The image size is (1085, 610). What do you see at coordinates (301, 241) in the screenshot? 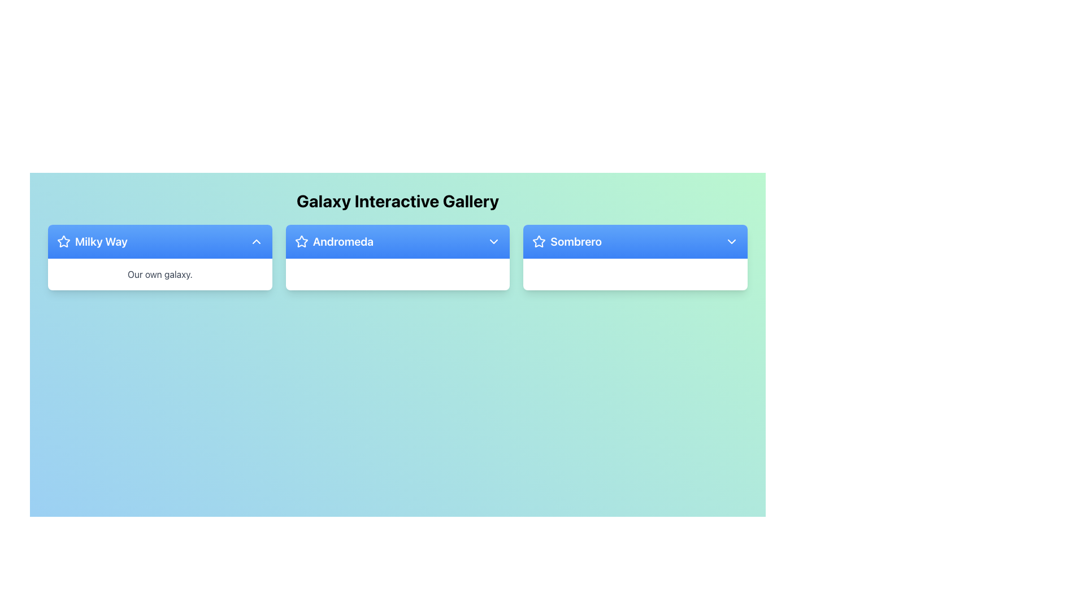
I see `the star icon within the blue button labeled 'Andromeda'` at bounding box center [301, 241].